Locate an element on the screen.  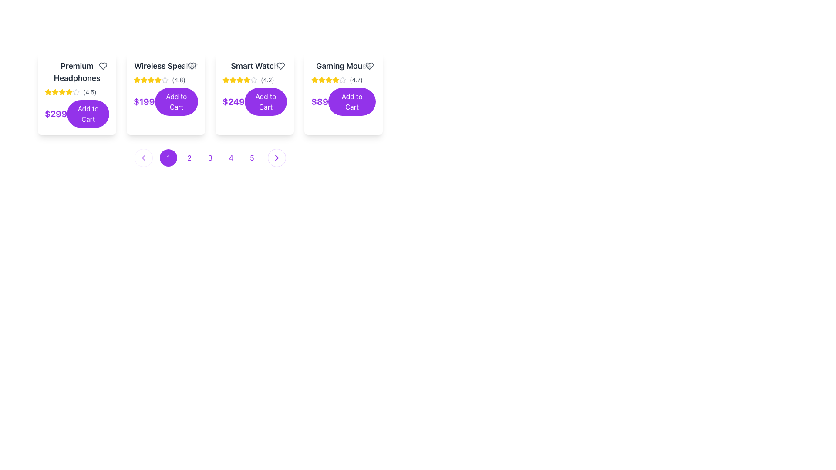
the 5th star icon in the star rating system of the 'Wireless Speaker' product card, indicating a rating gap to a perfect score is located at coordinates (165, 80).